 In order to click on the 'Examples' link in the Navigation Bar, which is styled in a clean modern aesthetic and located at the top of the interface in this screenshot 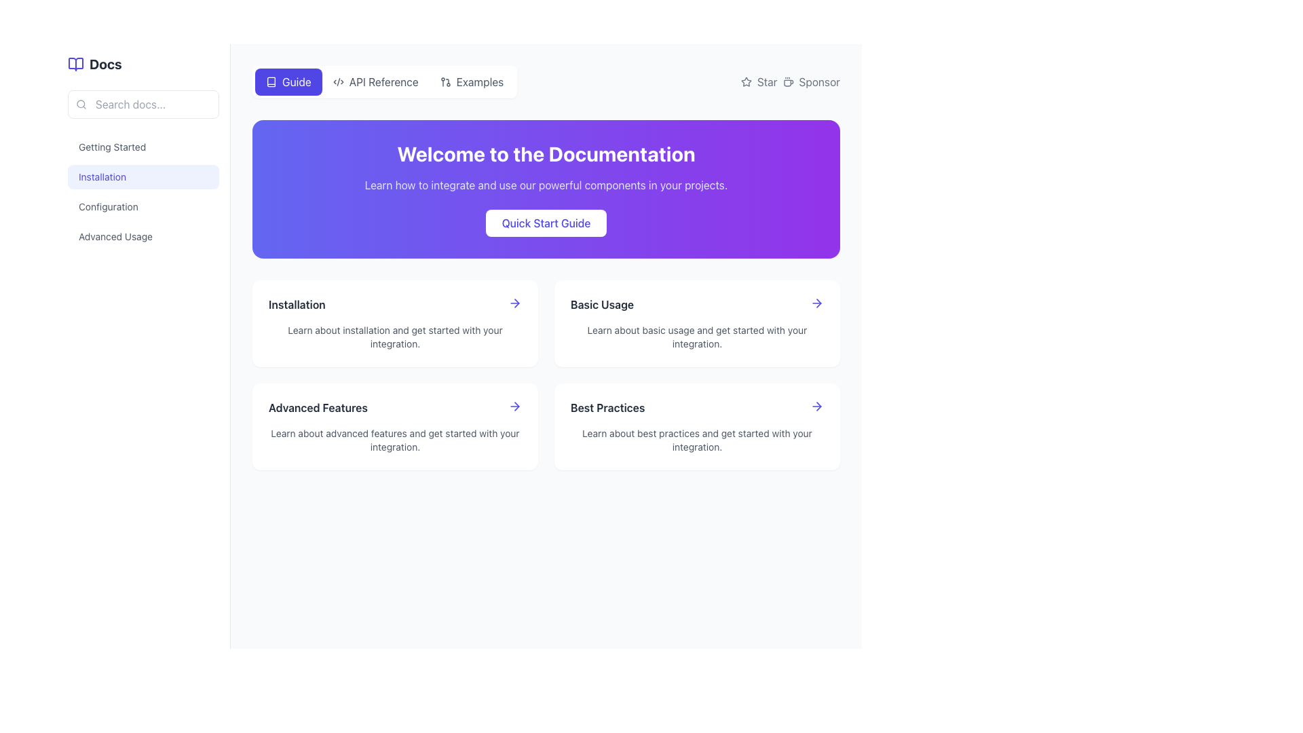, I will do `click(546, 81)`.